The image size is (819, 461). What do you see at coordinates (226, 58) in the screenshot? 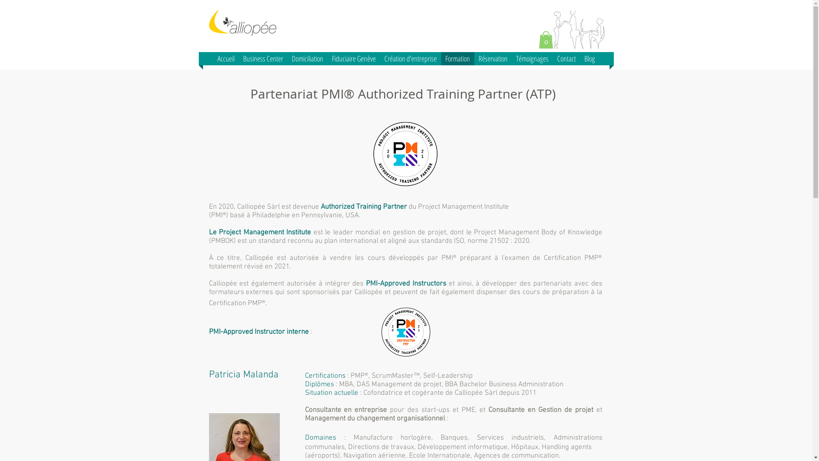
I see `'Accueil'` at bounding box center [226, 58].